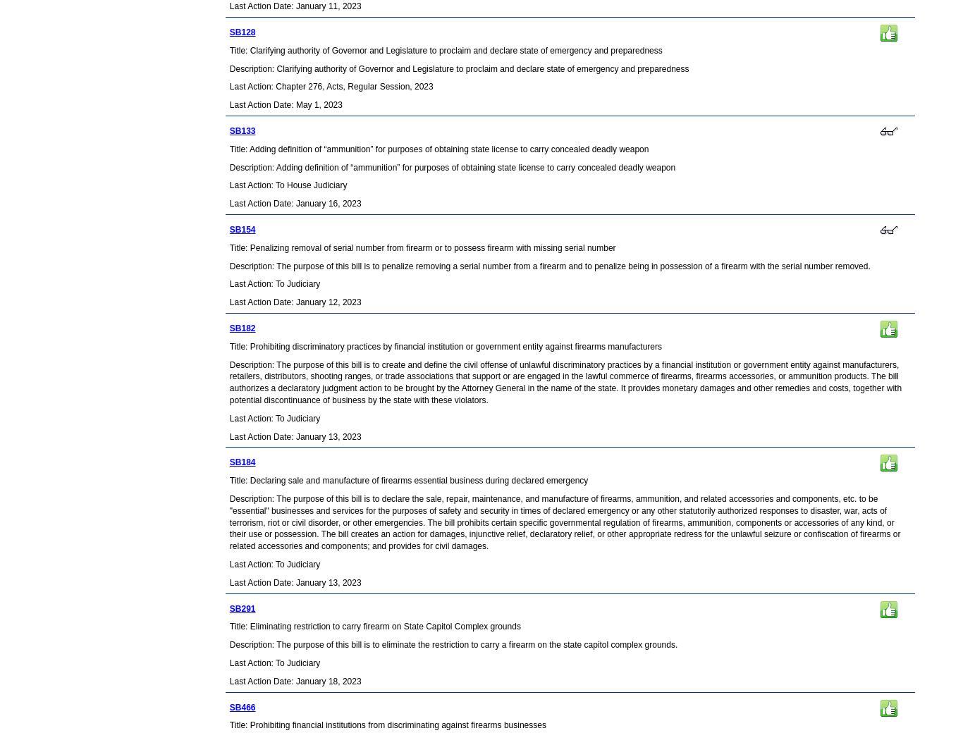  I want to click on 'Description: The purpose of this bill is to penalize removing a serial number from a firearm and to penalize being in possession of a firearm with the serial number removed.', so click(549, 265).